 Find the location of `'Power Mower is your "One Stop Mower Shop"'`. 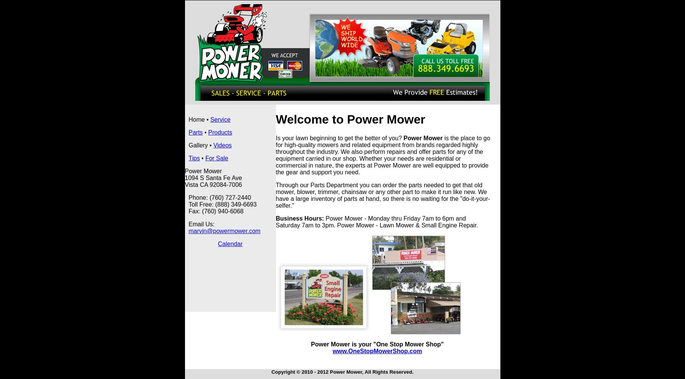

'Power Mower is your "One Stop Mower Shop"' is located at coordinates (377, 344).